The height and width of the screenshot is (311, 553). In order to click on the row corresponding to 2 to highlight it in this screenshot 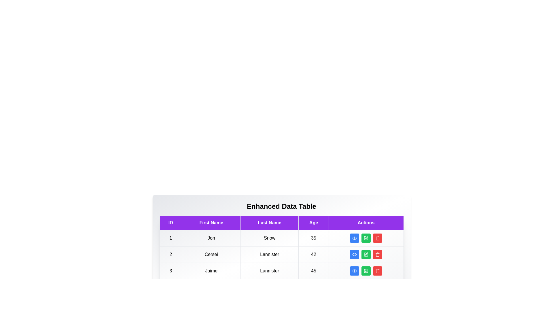, I will do `click(281, 254)`.